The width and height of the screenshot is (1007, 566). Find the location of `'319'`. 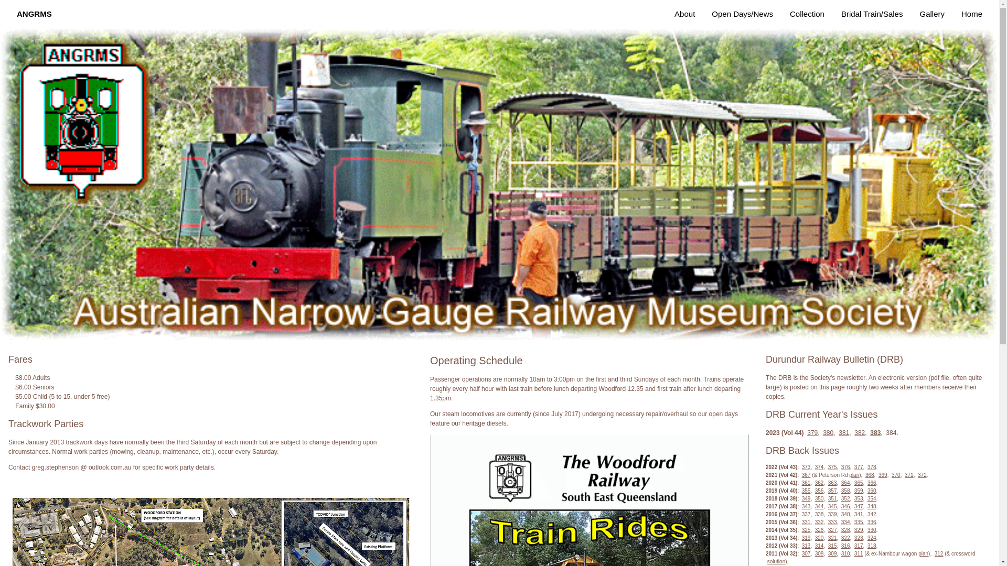

'319' is located at coordinates (806, 538).